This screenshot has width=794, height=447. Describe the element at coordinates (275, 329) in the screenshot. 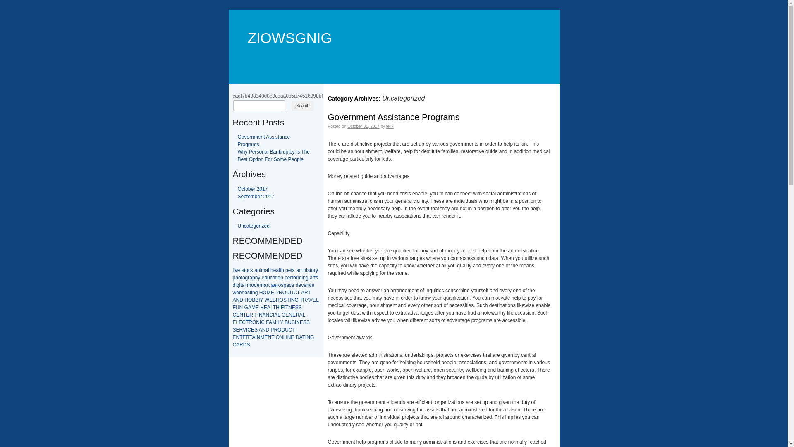

I see `'R'` at that location.